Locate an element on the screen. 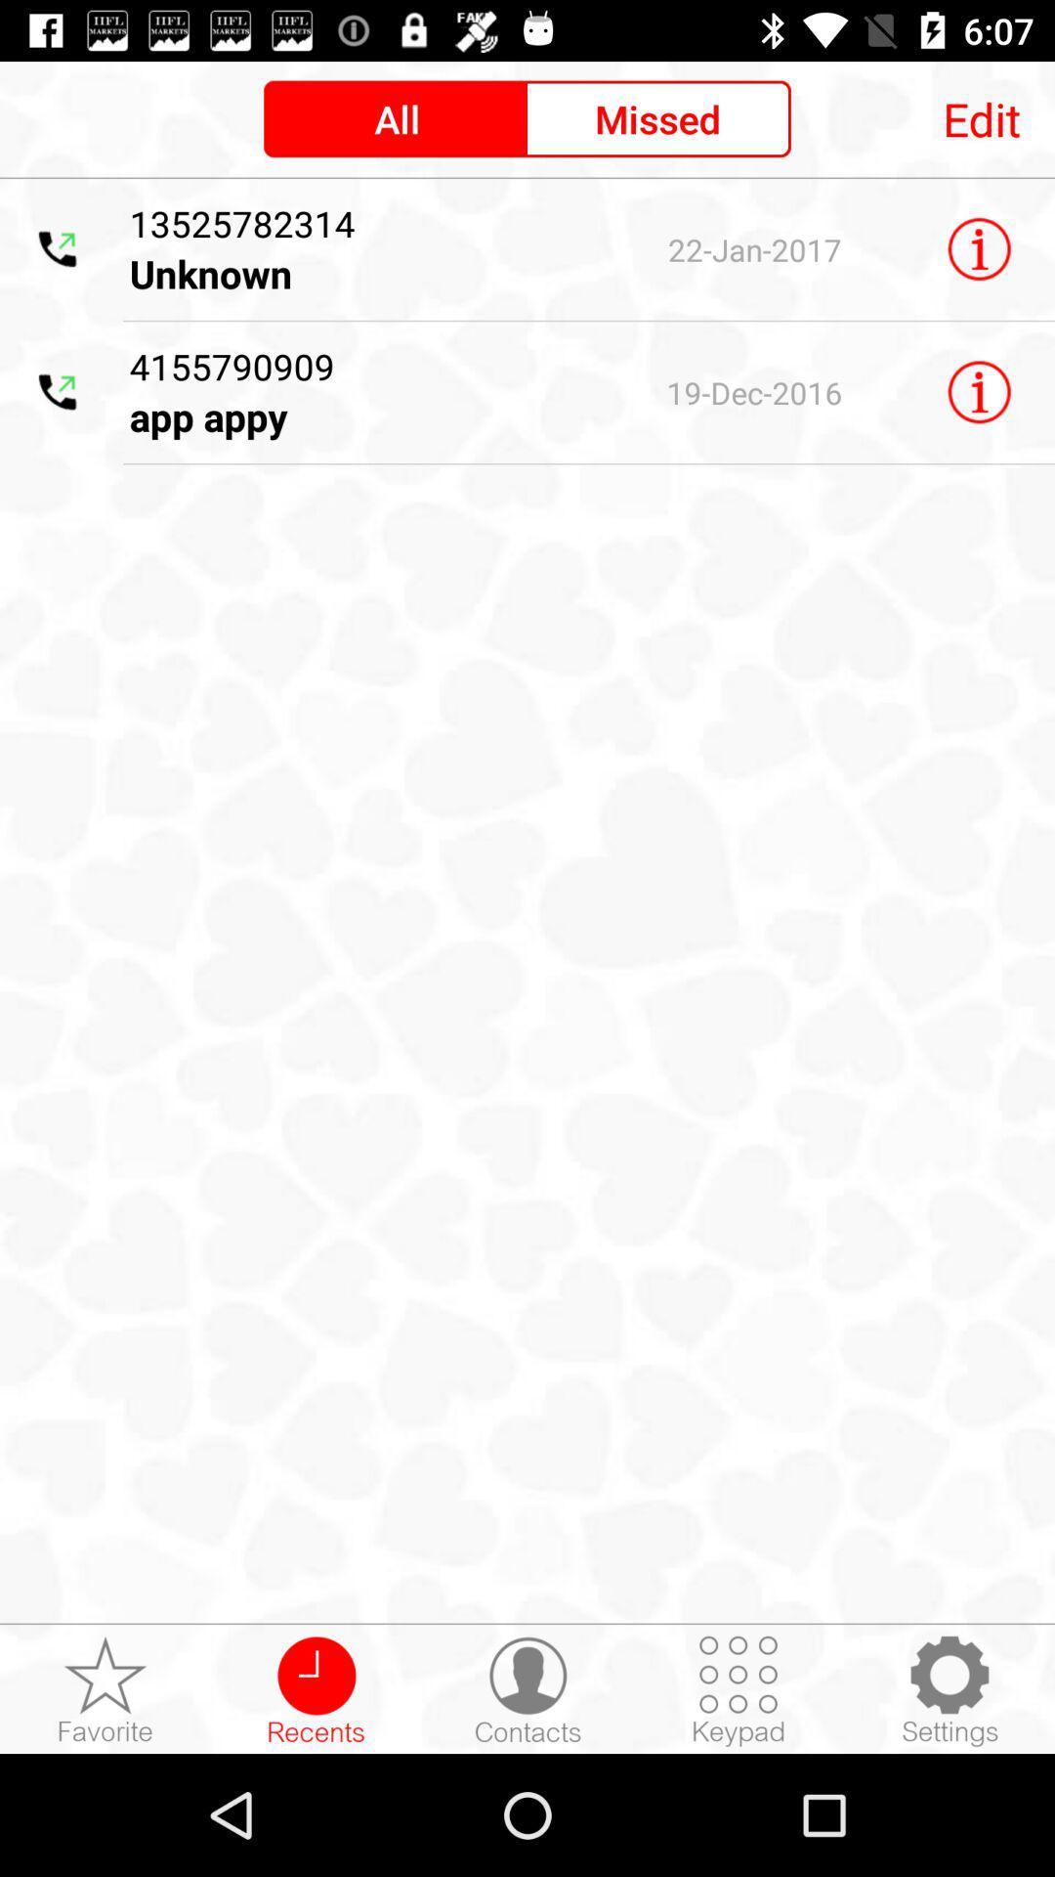 The image size is (1055, 1877). information icon beside unknown text is located at coordinates (979, 247).